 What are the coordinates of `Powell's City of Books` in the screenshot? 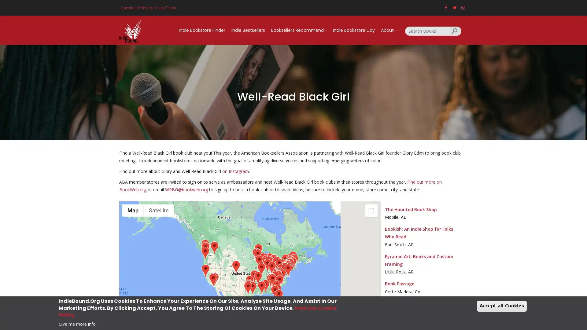 It's located at (205, 253).